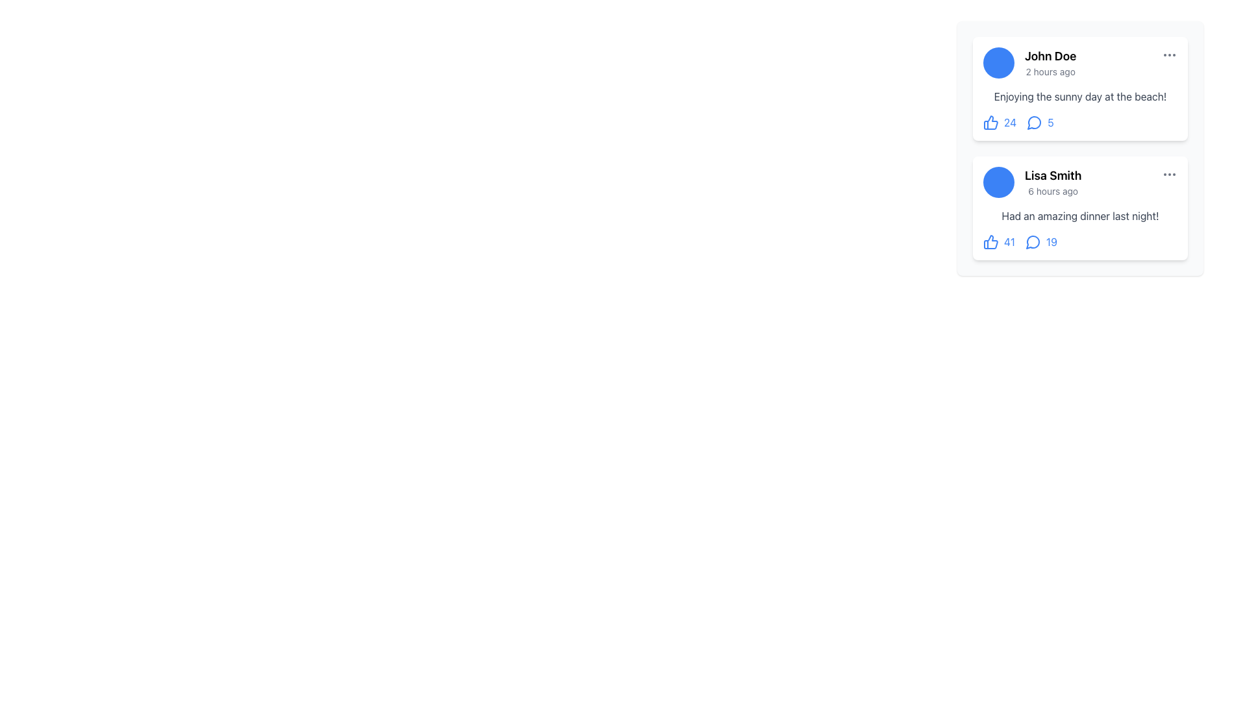 Image resolution: width=1247 pixels, height=701 pixels. What do you see at coordinates (1080, 96) in the screenshot?
I see `the text snippet that reads 'Enjoying the sunny day at the beach!' displayed in gray below the username 'John Doe' and the timestamp '2 hours ago' within the user post card layout` at bounding box center [1080, 96].